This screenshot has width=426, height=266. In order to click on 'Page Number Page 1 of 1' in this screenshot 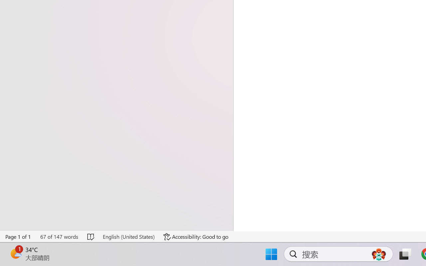, I will do `click(18, 236)`.